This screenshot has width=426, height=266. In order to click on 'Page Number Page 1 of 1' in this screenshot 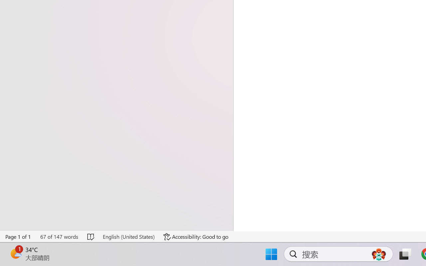, I will do `click(18, 236)`.